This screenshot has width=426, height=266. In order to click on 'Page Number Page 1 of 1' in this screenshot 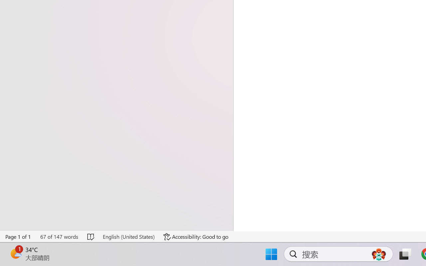, I will do `click(18, 236)`.